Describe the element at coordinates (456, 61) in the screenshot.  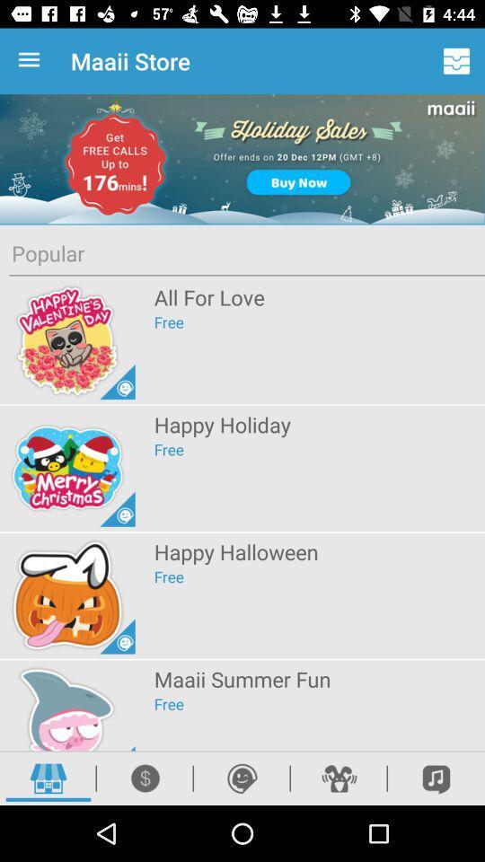
I see `app to the right of maaii store app` at that location.